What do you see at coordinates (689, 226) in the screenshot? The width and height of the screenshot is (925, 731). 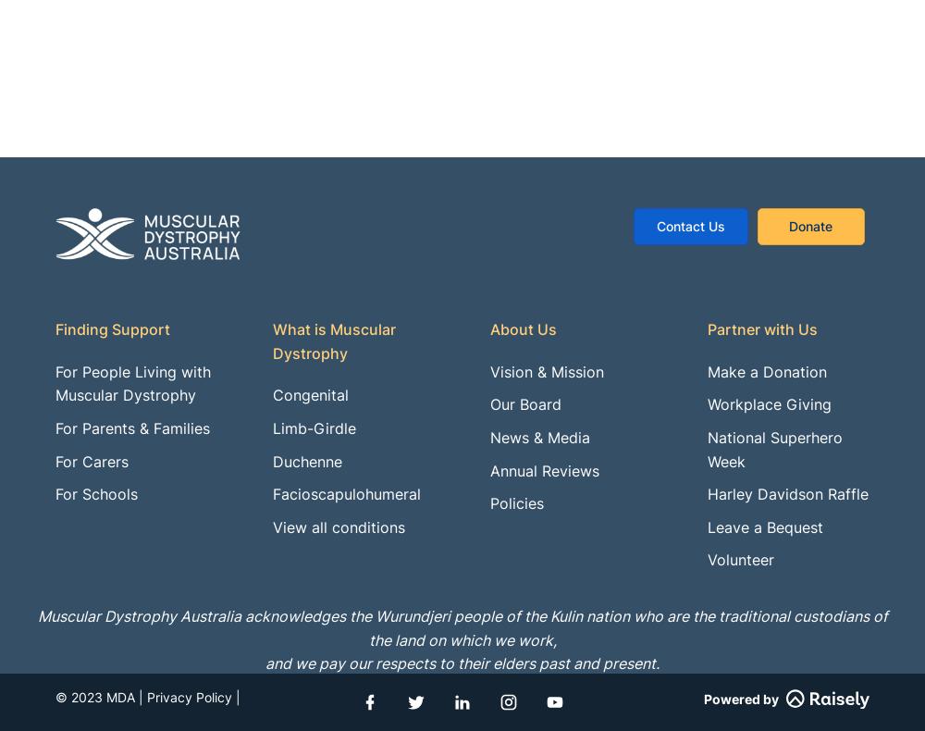 I see `'Contact Us'` at bounding box center [689, 226].